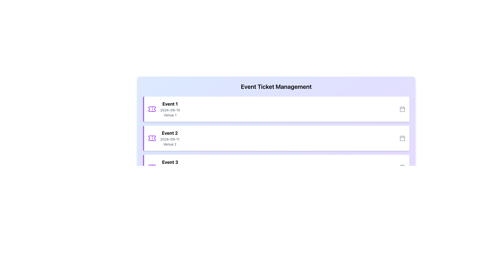  What do you see at coordinates (402, 138) in the screenshot?
I see `the rounded-corner rectangle inside the second calendar icon located on the right side of the event list` at bounding box center [402, 138].